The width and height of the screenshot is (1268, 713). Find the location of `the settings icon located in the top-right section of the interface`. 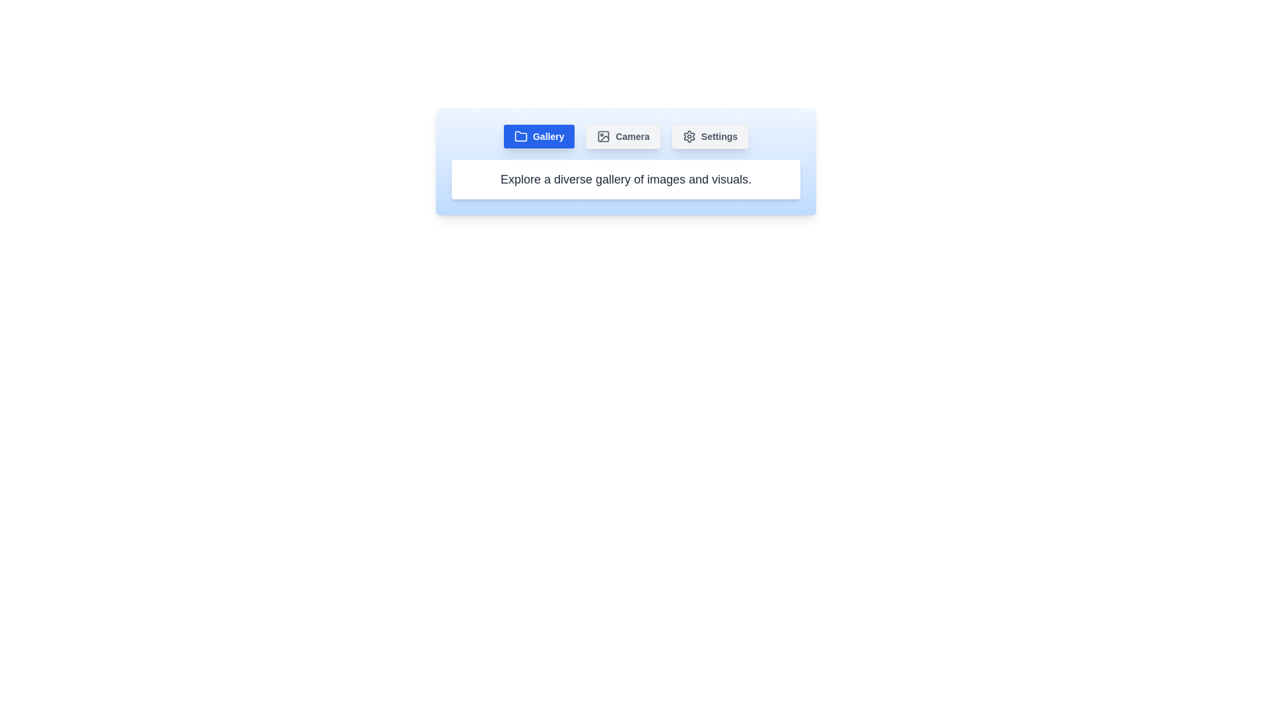

the settings icon located in the top-right section of the interface is located at coordinates (688, 137).